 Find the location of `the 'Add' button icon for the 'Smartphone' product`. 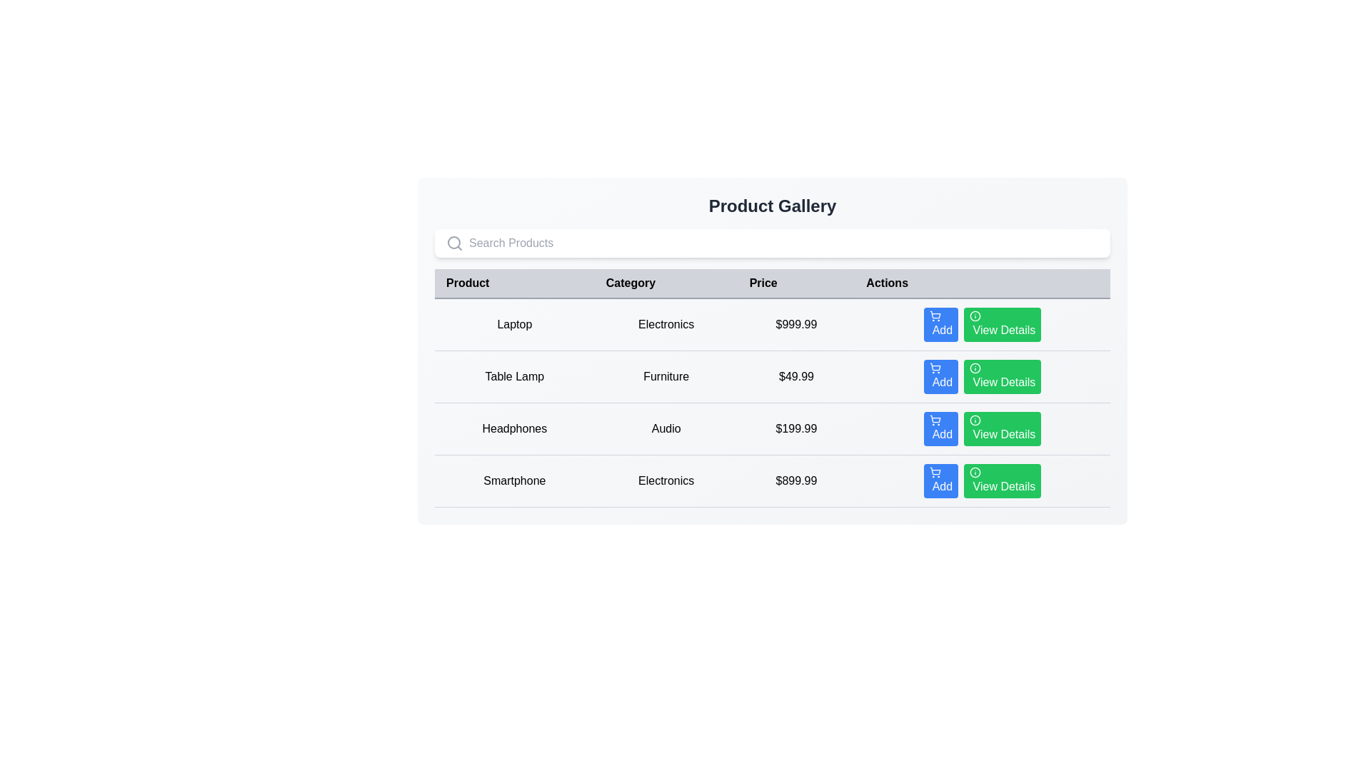

the 'Add' button icon for the 'Smartphone' product is located at coordinates (935, 473).